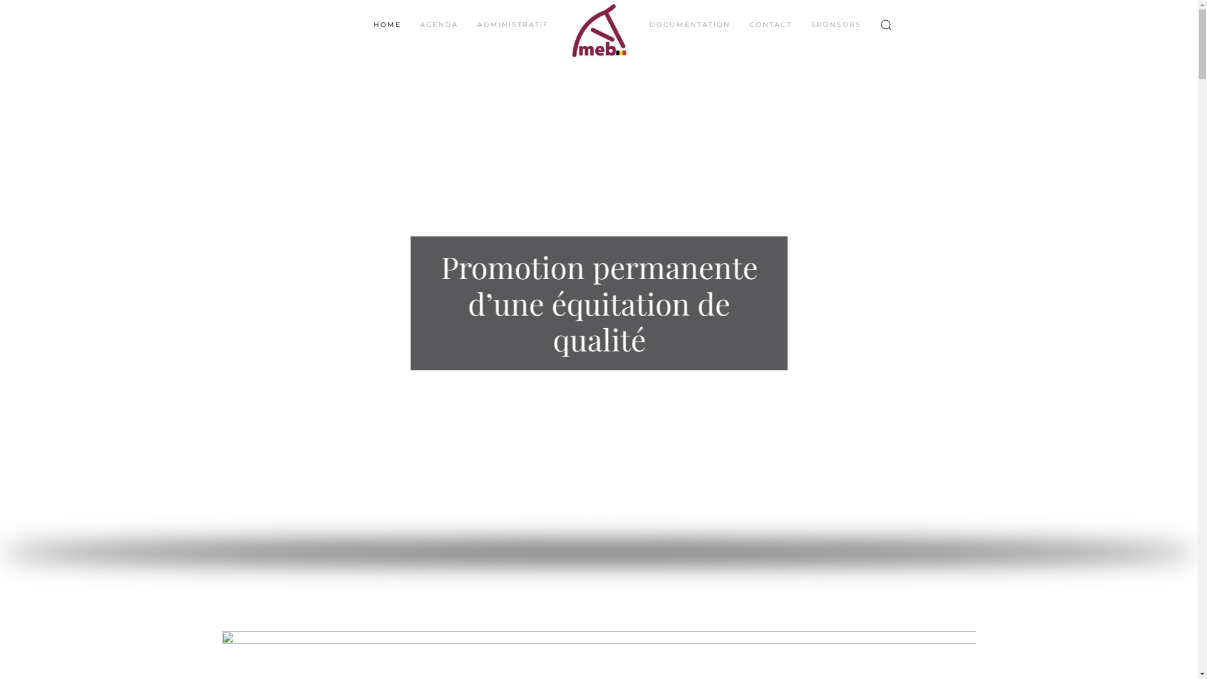 The image size is (1207, 679). I want to click on 'DOCUMENTATION', so click(688, 25).